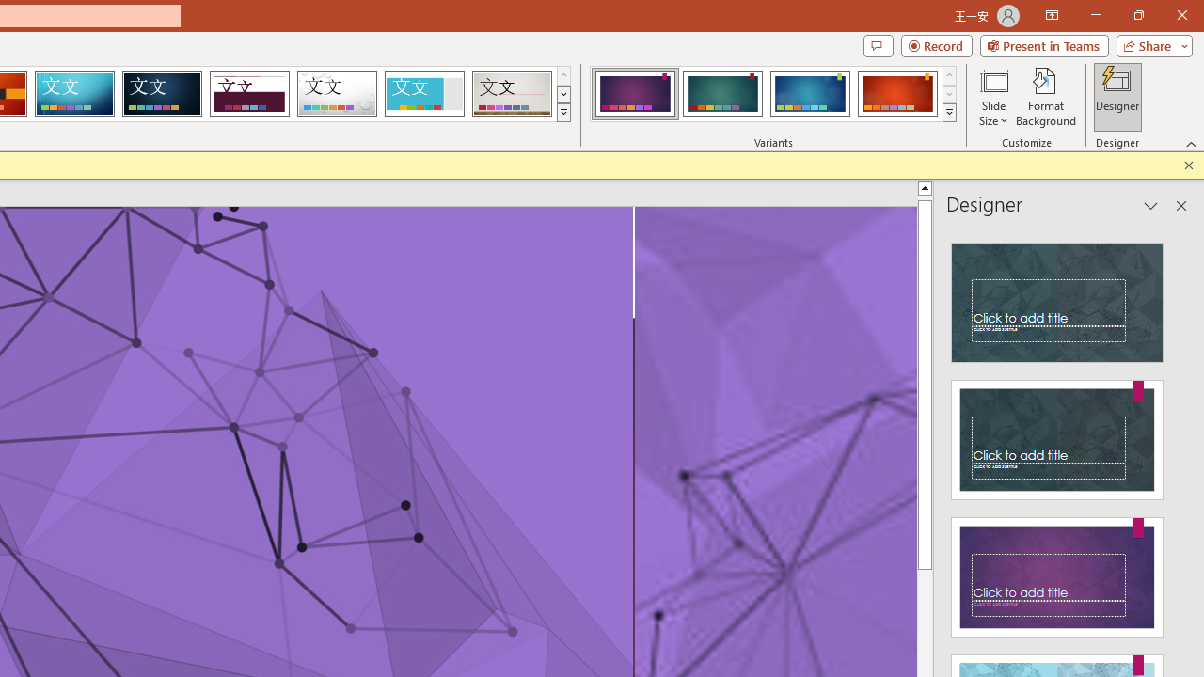 The image size is (1204, 677). I want to click on 'Recommended Design: Design Idea', so click(1057, 296).